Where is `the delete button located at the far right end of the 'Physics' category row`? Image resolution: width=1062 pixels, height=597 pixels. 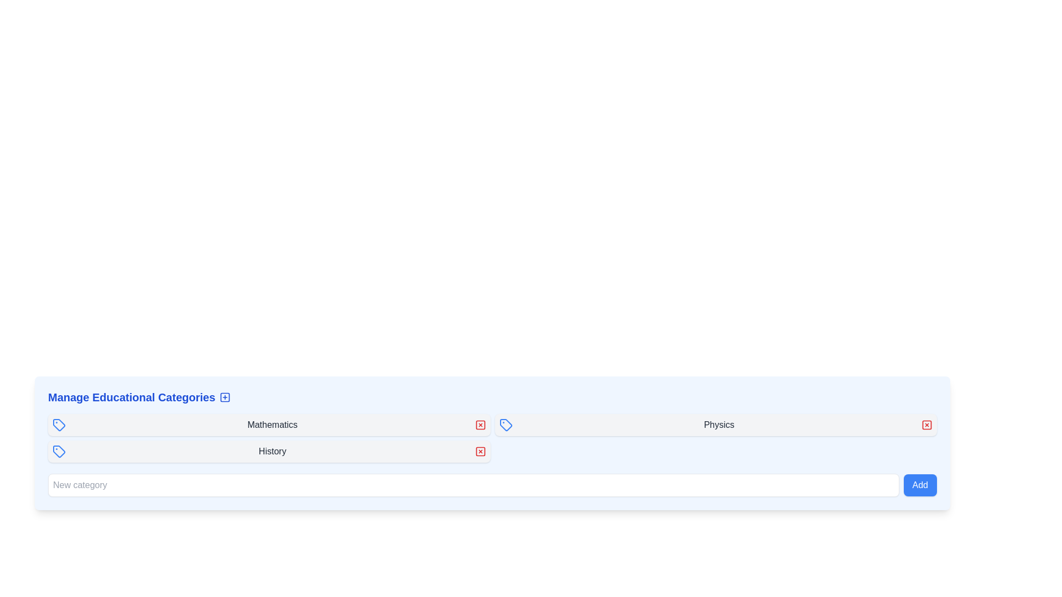
the delete button located at the far right end of the 'Physics' category row is located at coordinates (926, 424).